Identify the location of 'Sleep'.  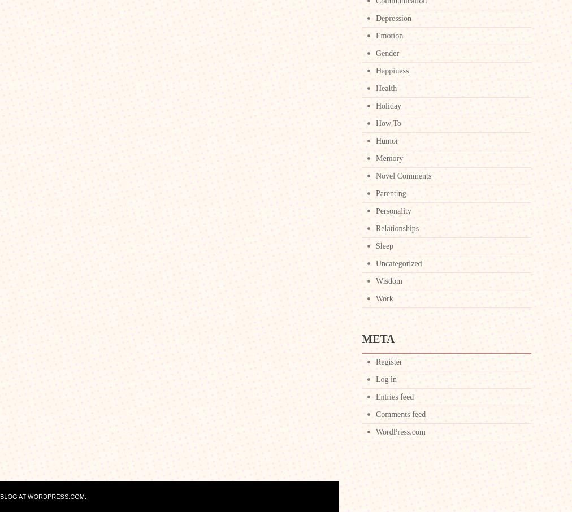
(384, 246).